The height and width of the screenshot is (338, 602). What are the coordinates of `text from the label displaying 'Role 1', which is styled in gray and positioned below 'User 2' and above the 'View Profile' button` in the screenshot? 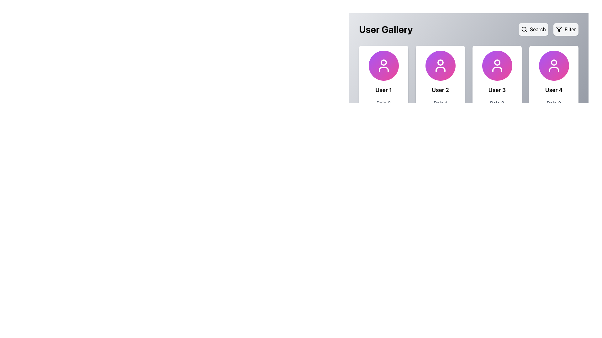 It's located at (440, 103).